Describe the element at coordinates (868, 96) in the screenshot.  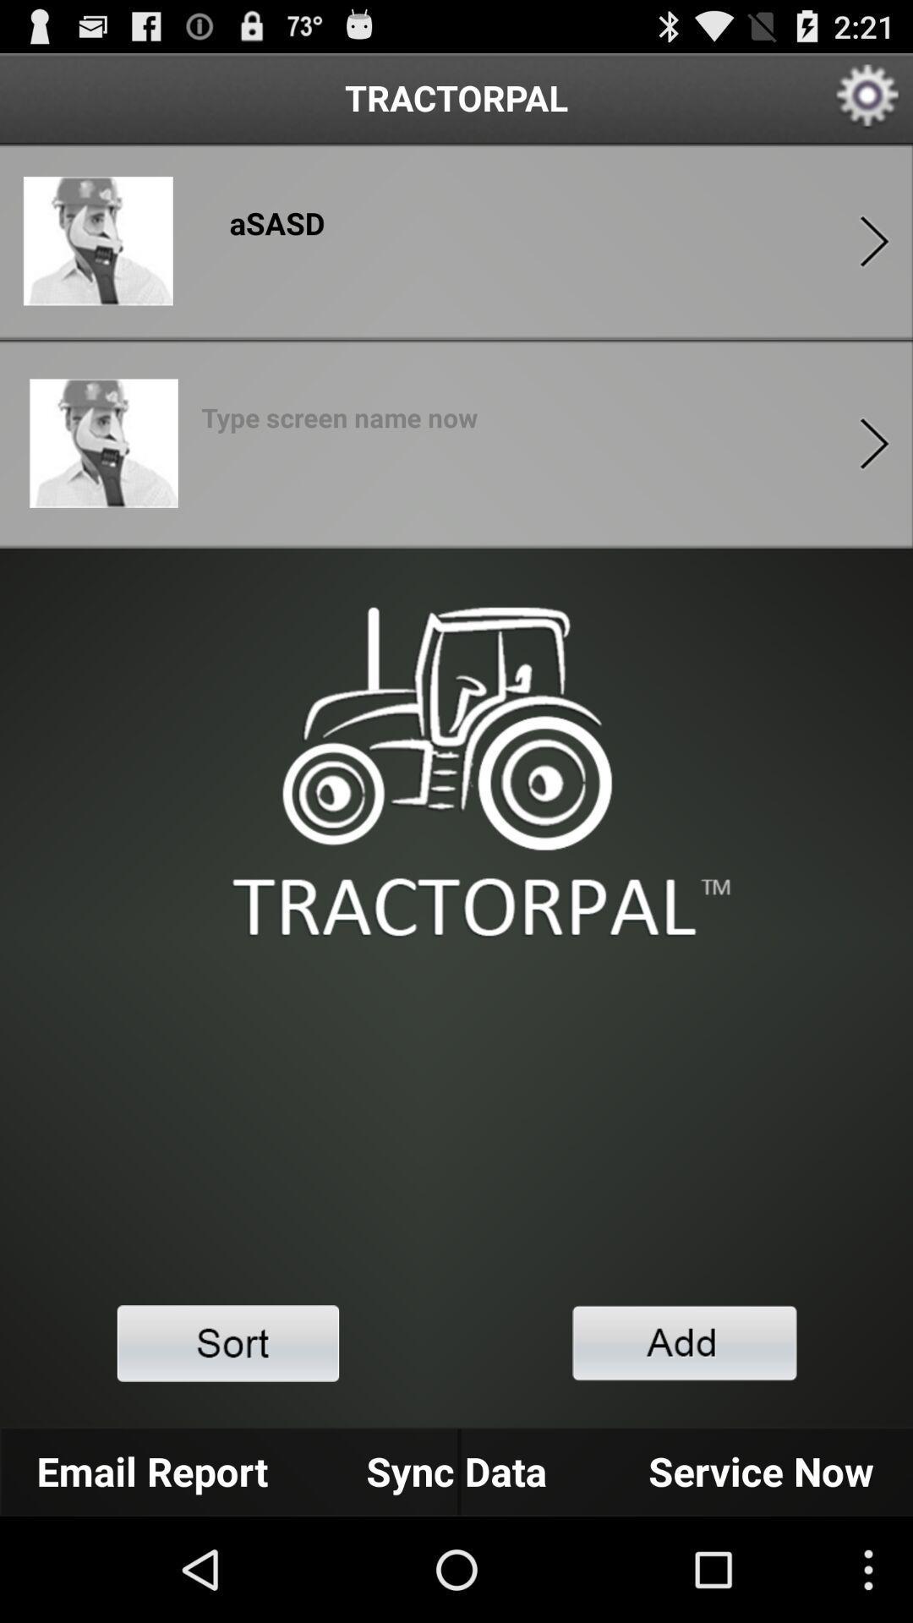
I see `setting` at that location.